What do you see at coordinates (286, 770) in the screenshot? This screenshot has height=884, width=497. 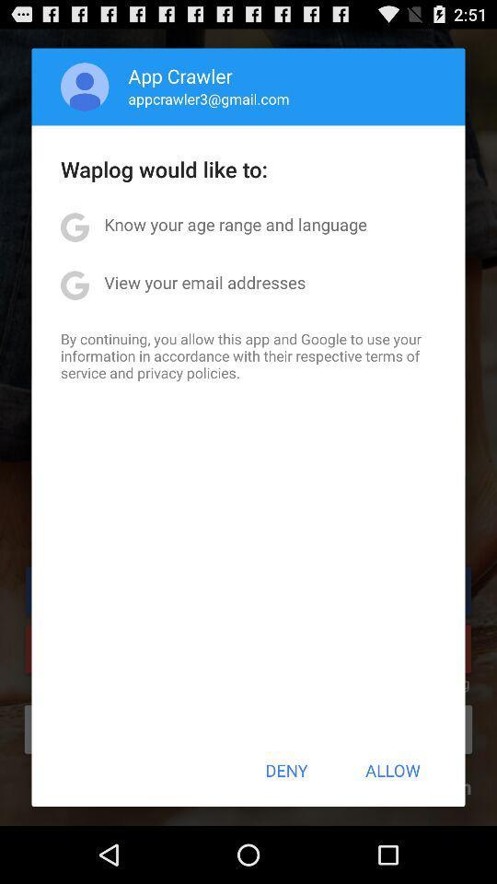 I see `item below the by continuing you app` at bounding box center [286, 770].